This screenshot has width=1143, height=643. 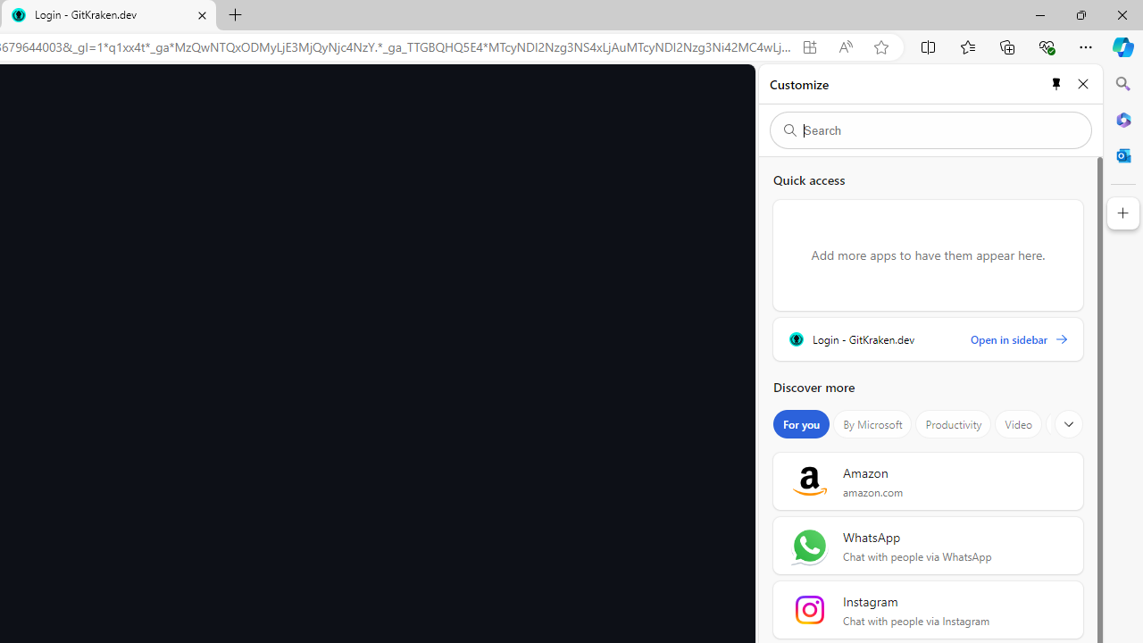 I want to click on 'By Microsoft', so click(x=872, y=424).